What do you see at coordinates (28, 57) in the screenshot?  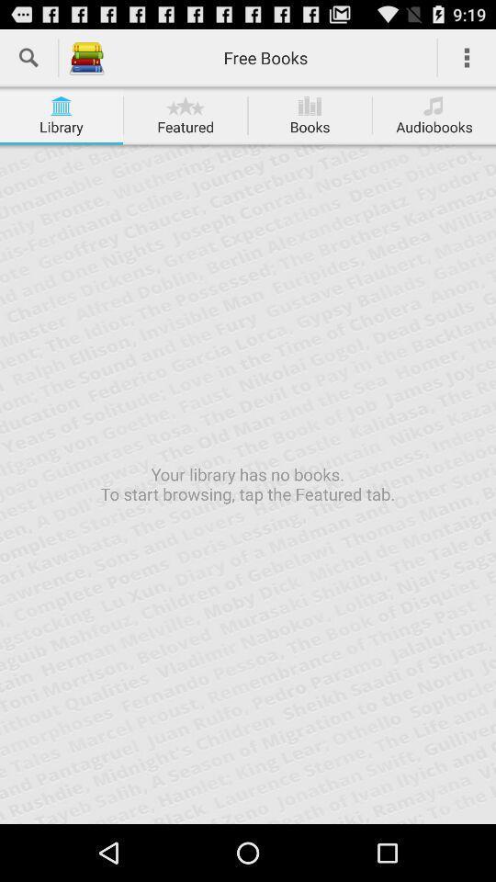 I see `search` at bounding box center [28, 57].